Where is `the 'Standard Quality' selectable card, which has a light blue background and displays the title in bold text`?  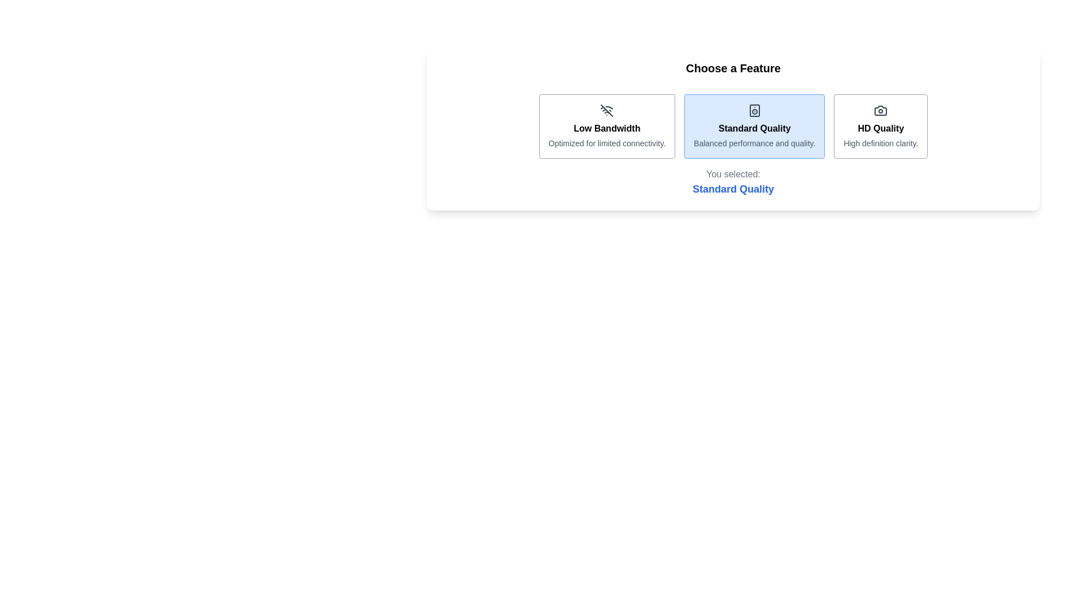 the 'Standard Quality' selectable card, which has a light blue background and displays the title in bold text is located at coordinates (754, 126).